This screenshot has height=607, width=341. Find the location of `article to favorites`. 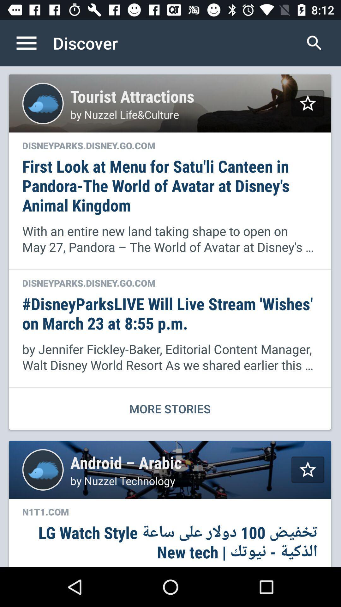

article to favorites is located at coordinates (308, 103).